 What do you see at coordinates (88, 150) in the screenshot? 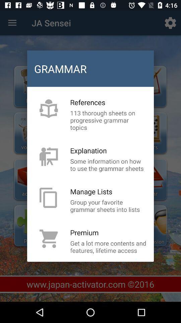
I see `icon below 113 thorough sheets icon` at bounding box center [88, 150].